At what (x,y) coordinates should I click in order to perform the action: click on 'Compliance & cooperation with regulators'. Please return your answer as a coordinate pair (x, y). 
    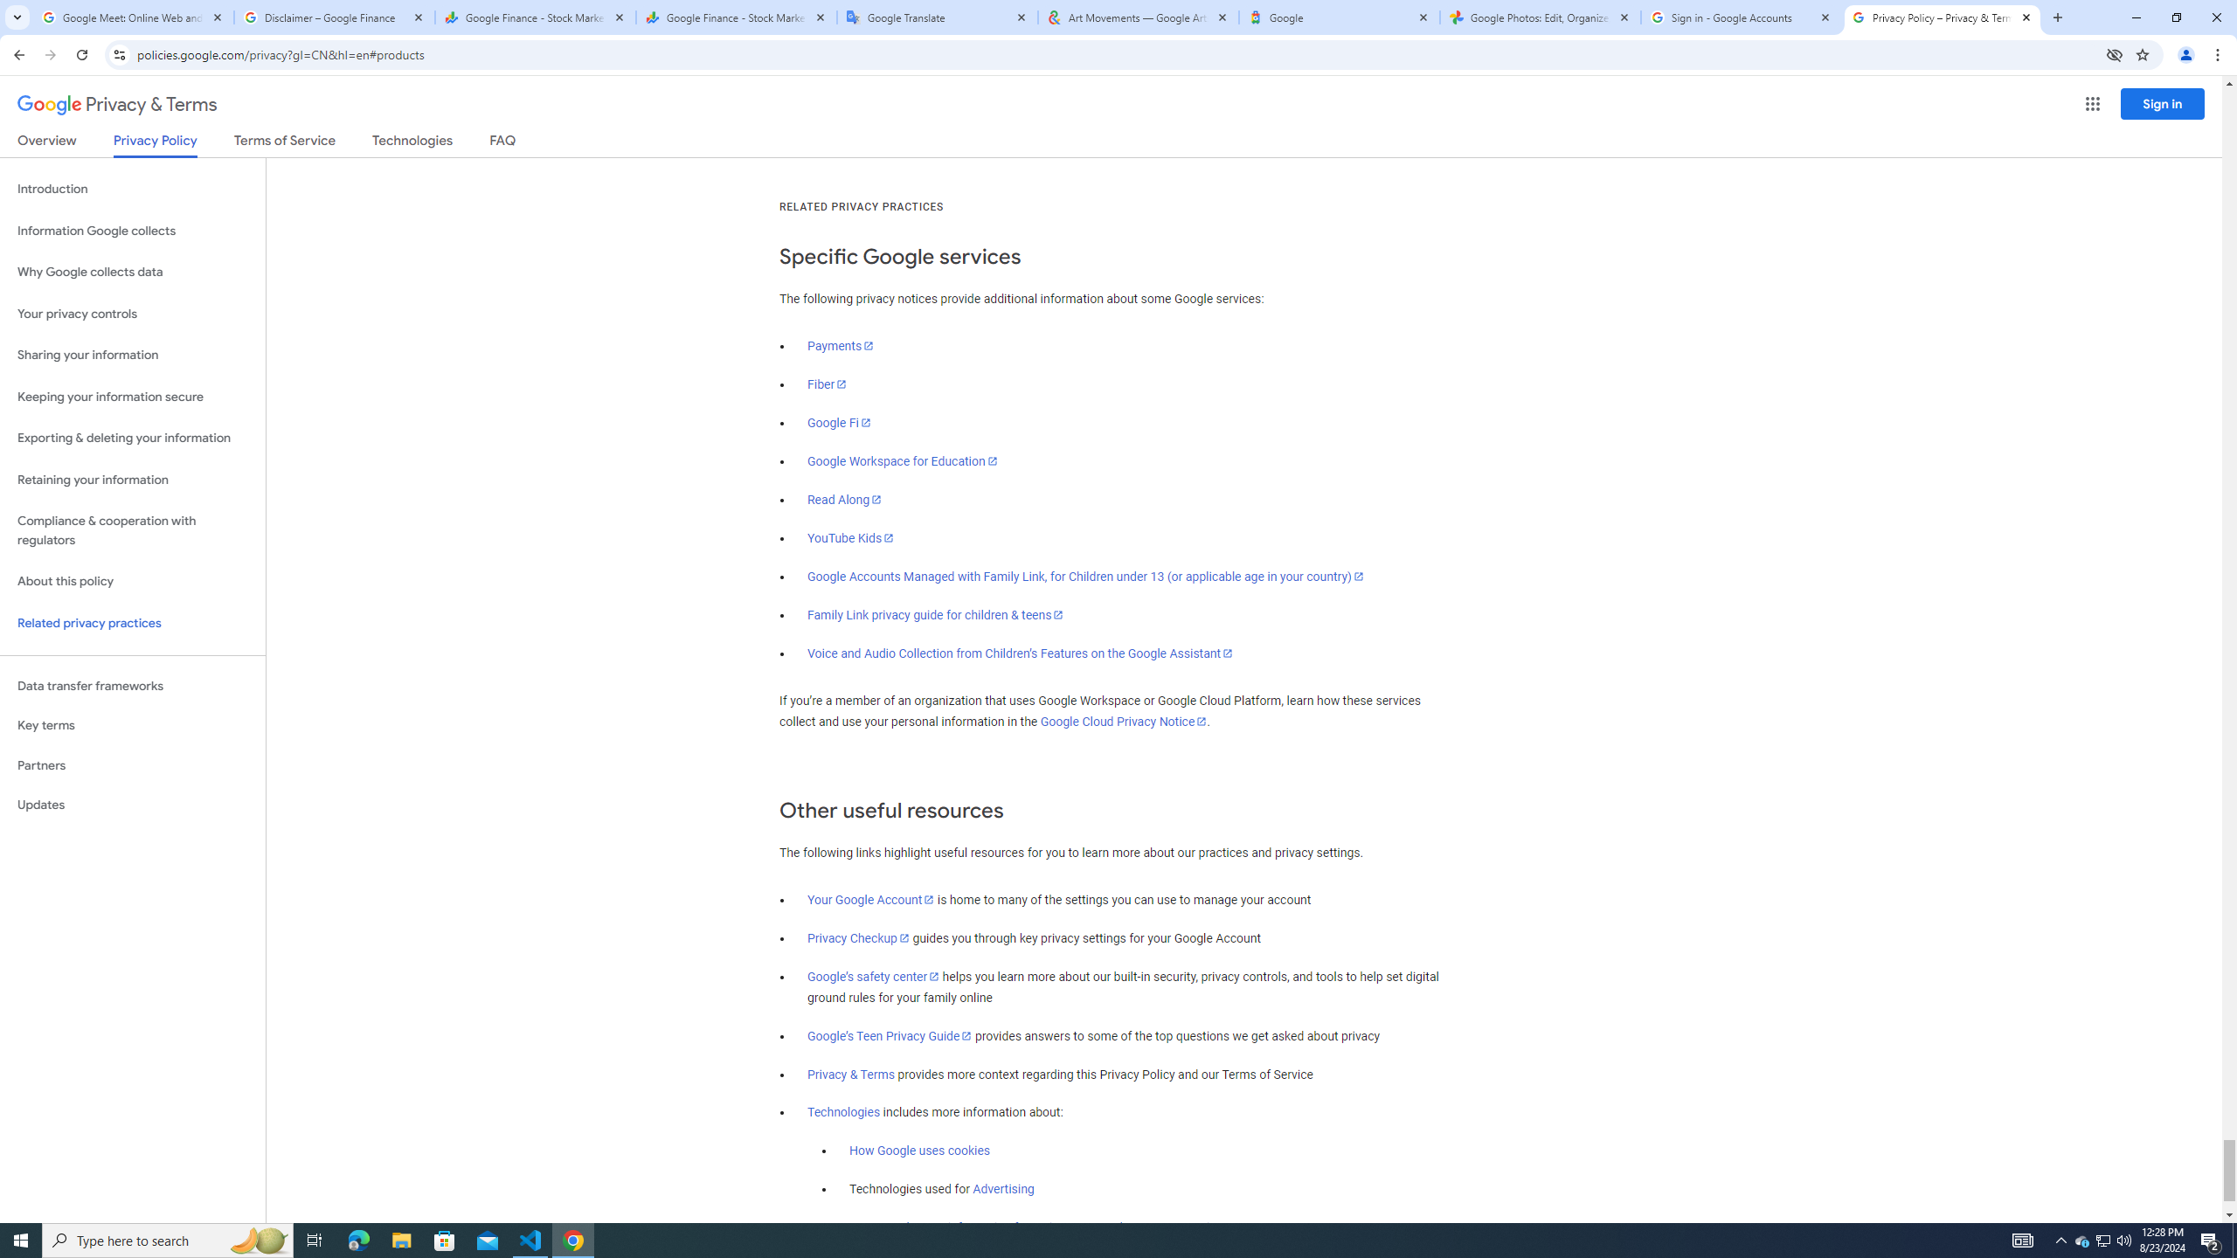
    Looking at the image, I should click on (132, 531).